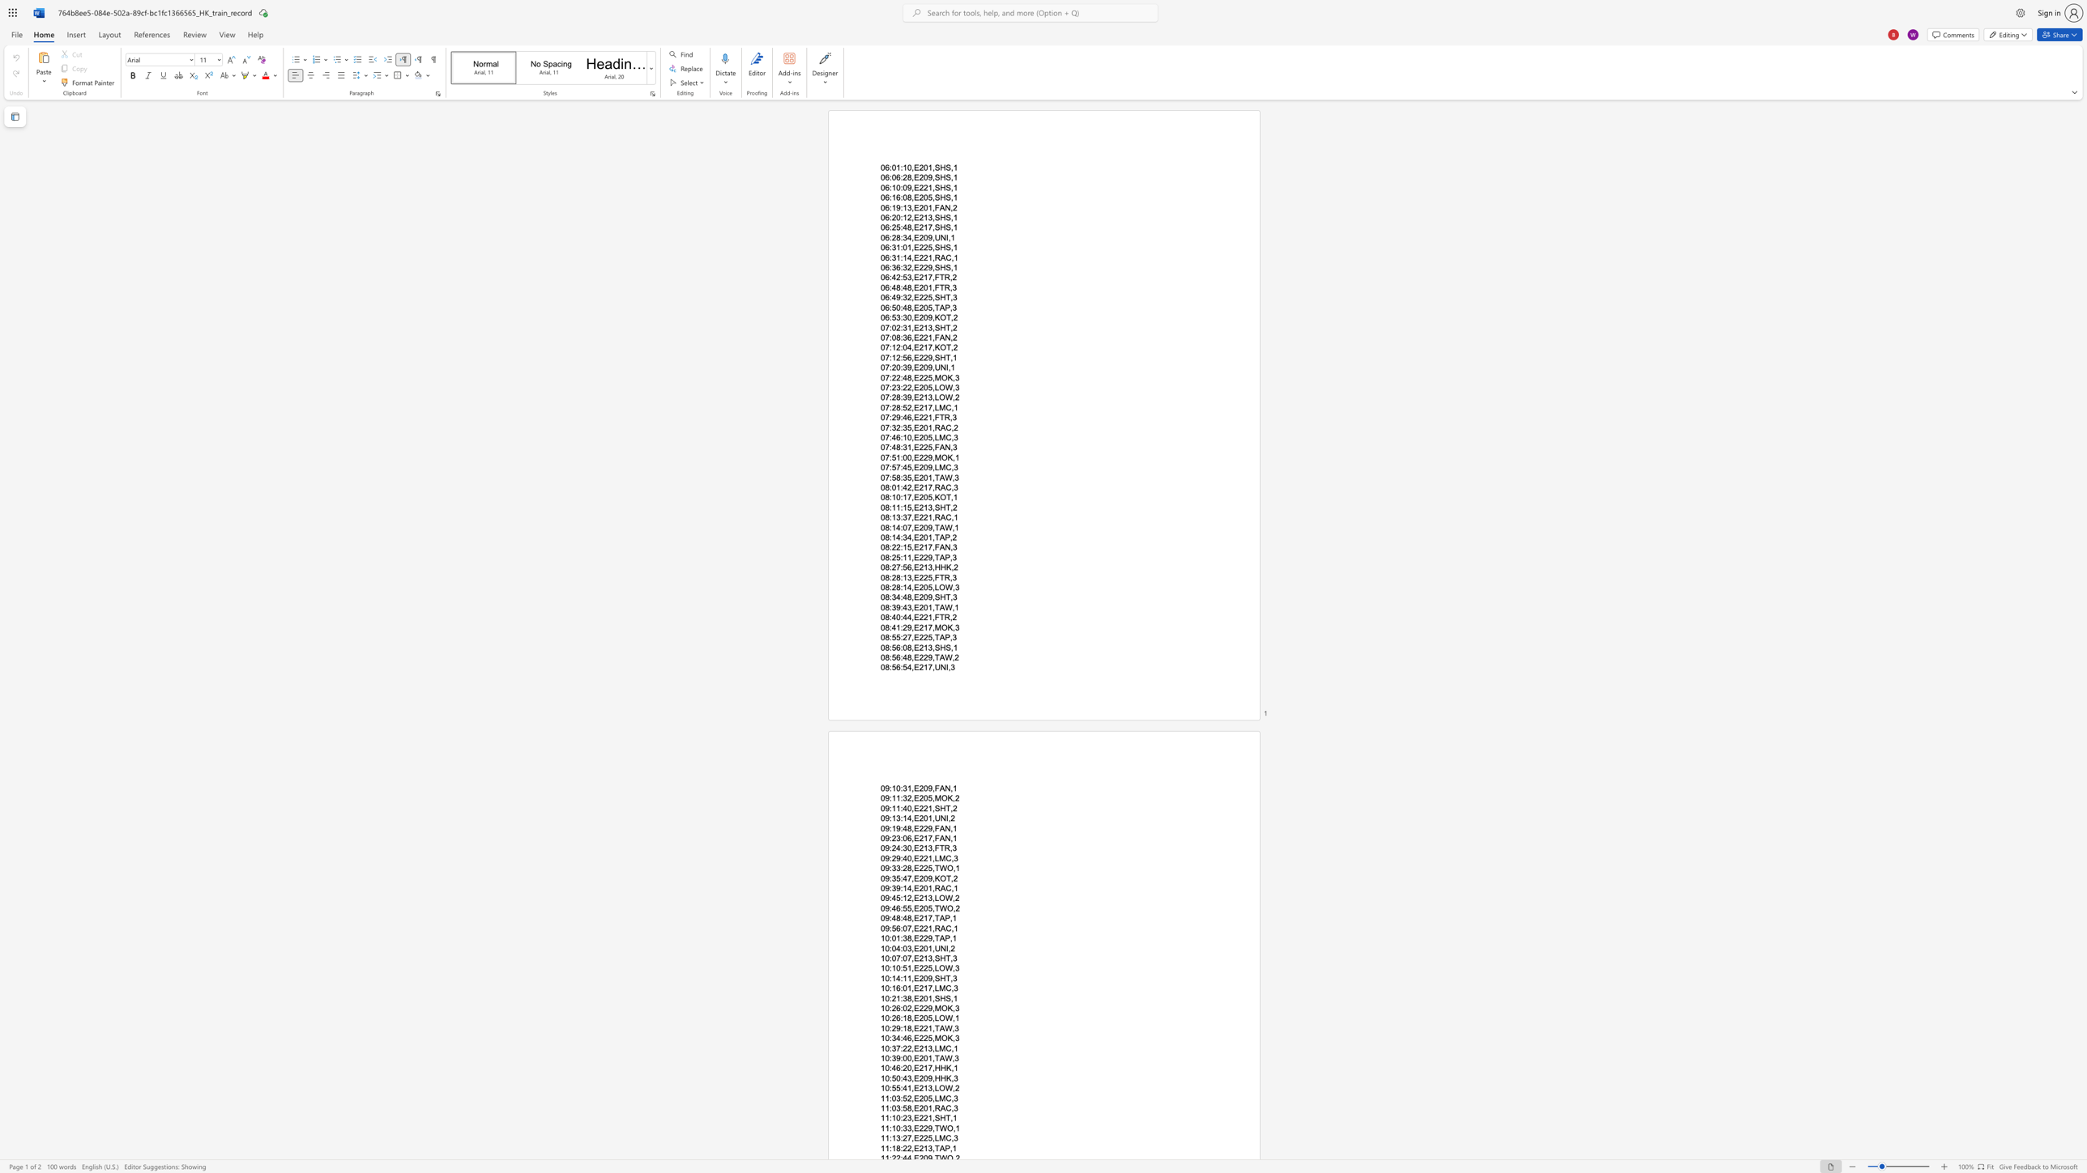 The height and width of the screenshot is (1173, 2087). Describe the element at coordinates (931, 257) in the screenshot. I see `the space between the continuous character "1" and "," in the text` at that location.